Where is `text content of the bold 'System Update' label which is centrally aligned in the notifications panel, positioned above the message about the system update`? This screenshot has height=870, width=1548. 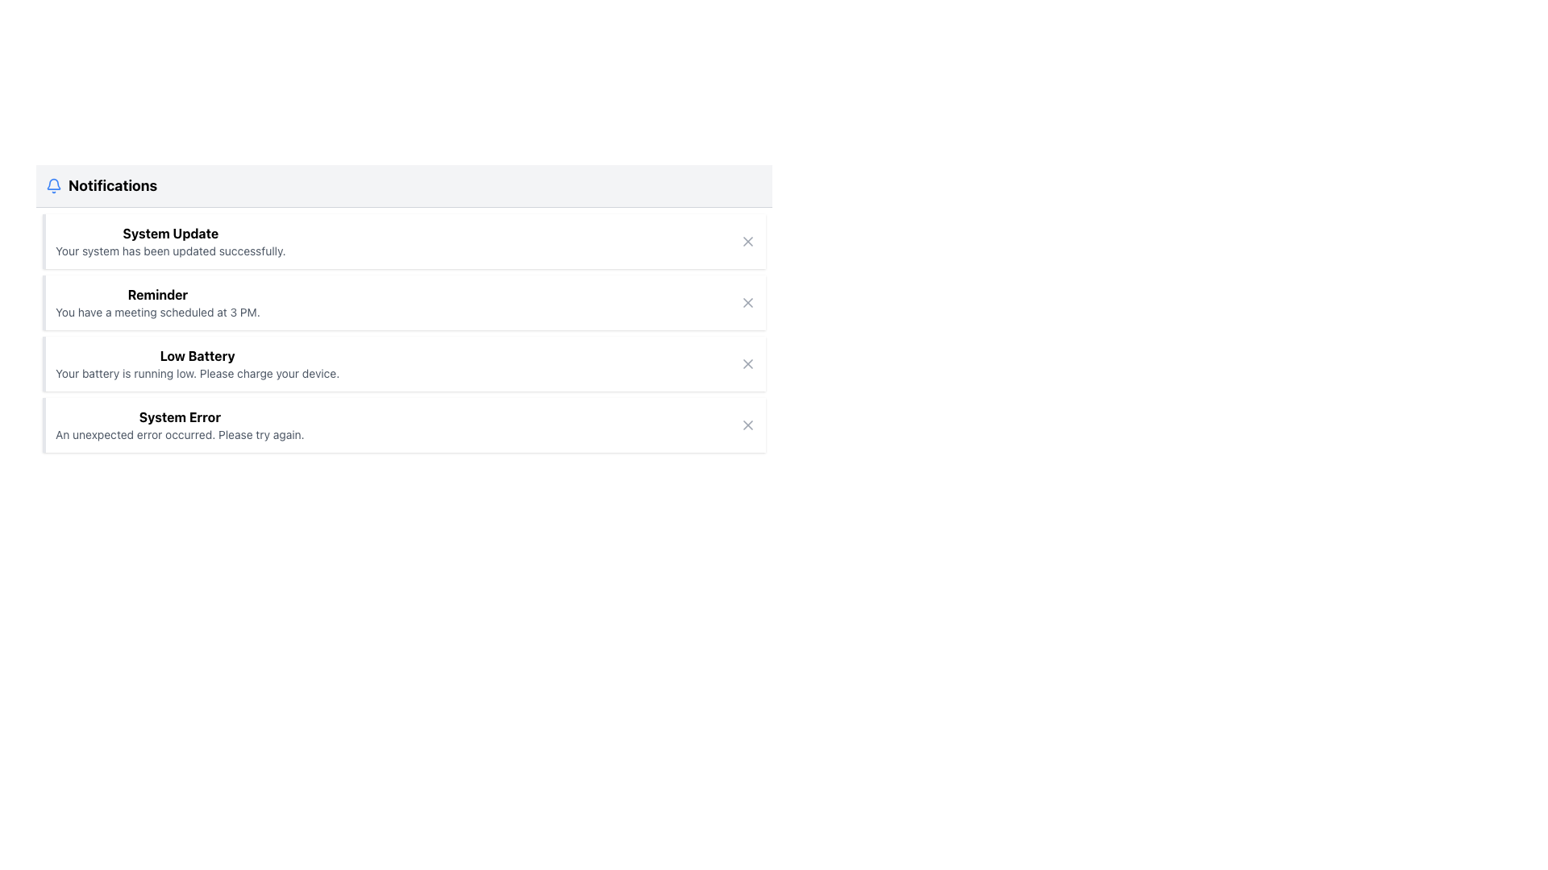
text content of the bold 'System Update' label which is centrally aligned in the notifications panel, positioned above the message about the system update is located at coordinates (170, 233).